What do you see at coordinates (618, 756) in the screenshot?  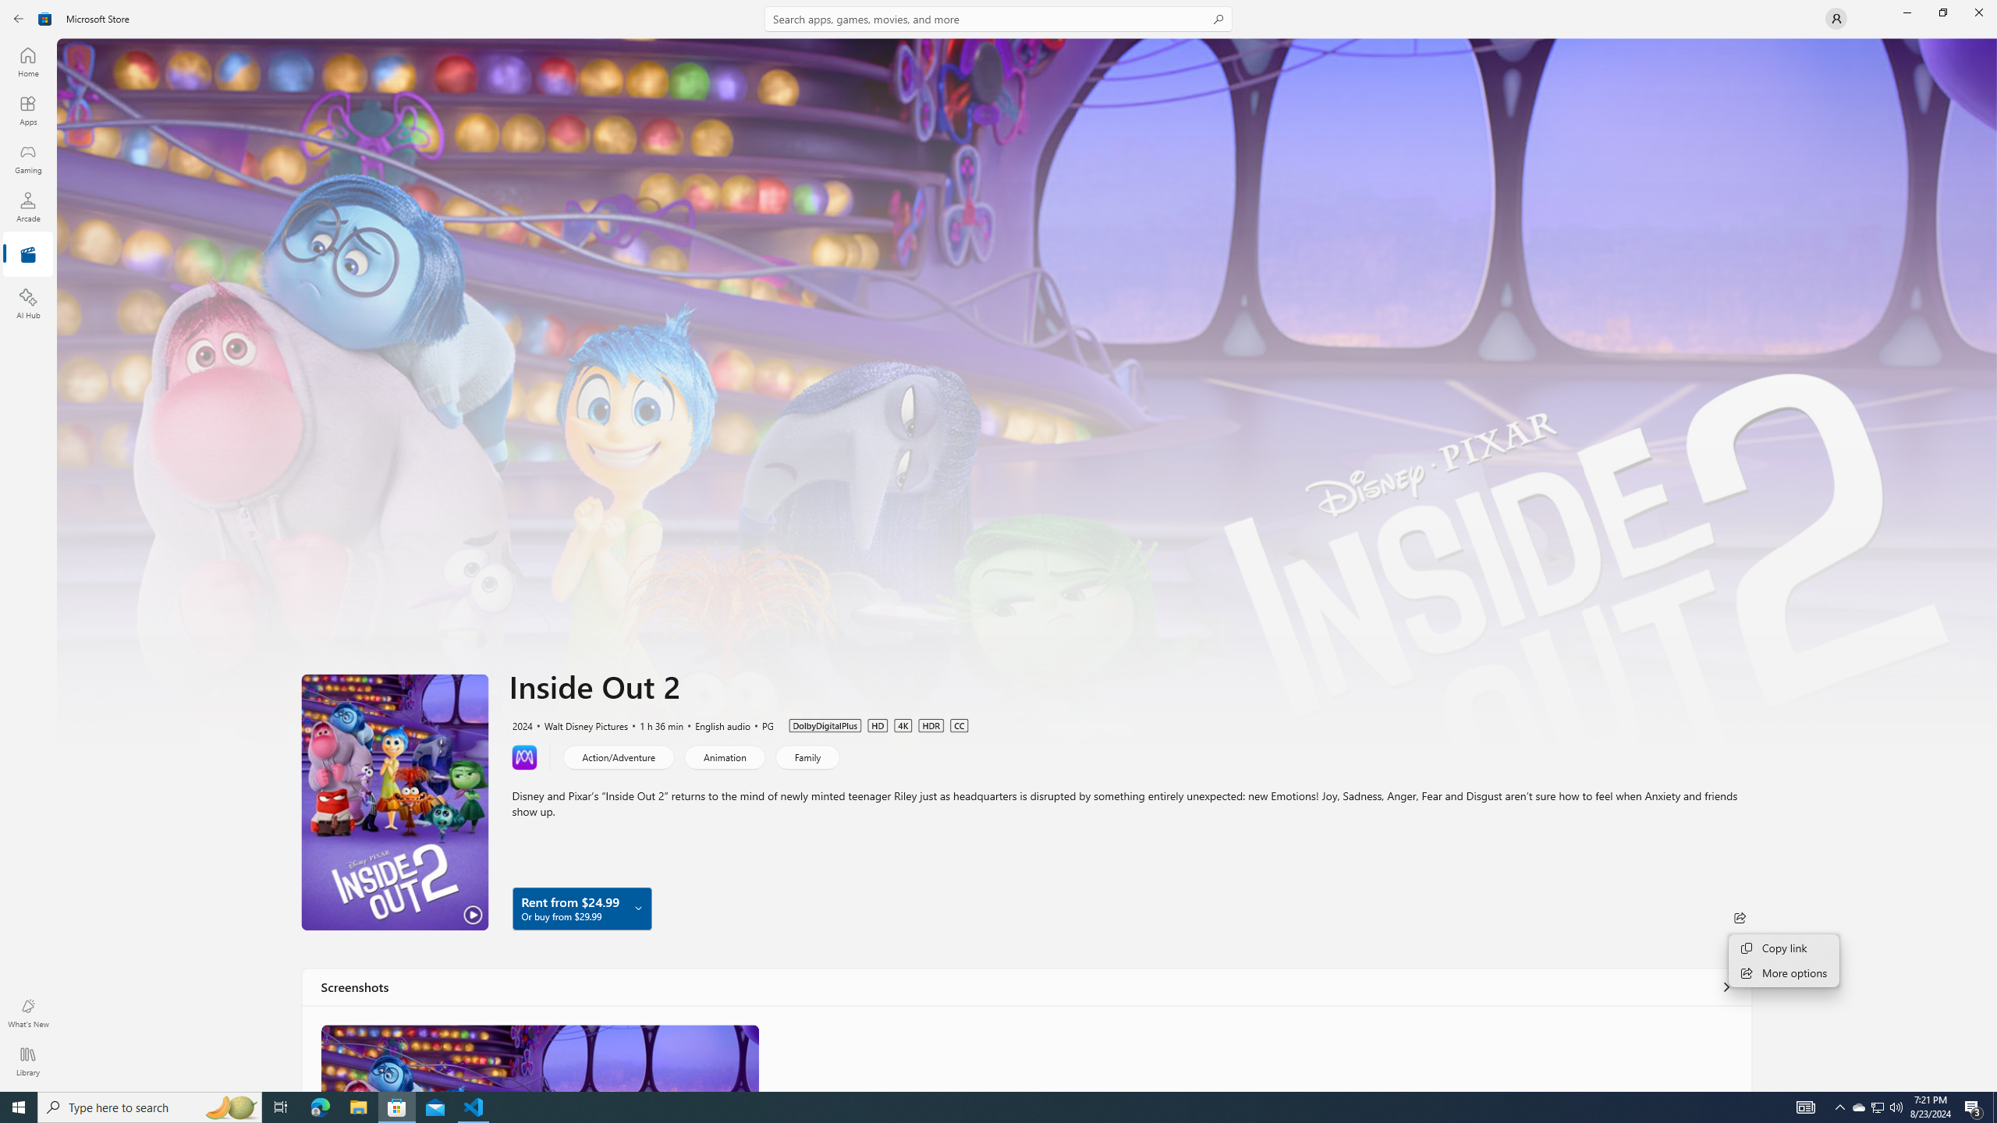 I see `'Action/Adventure'` at bounding box center [618, 756].